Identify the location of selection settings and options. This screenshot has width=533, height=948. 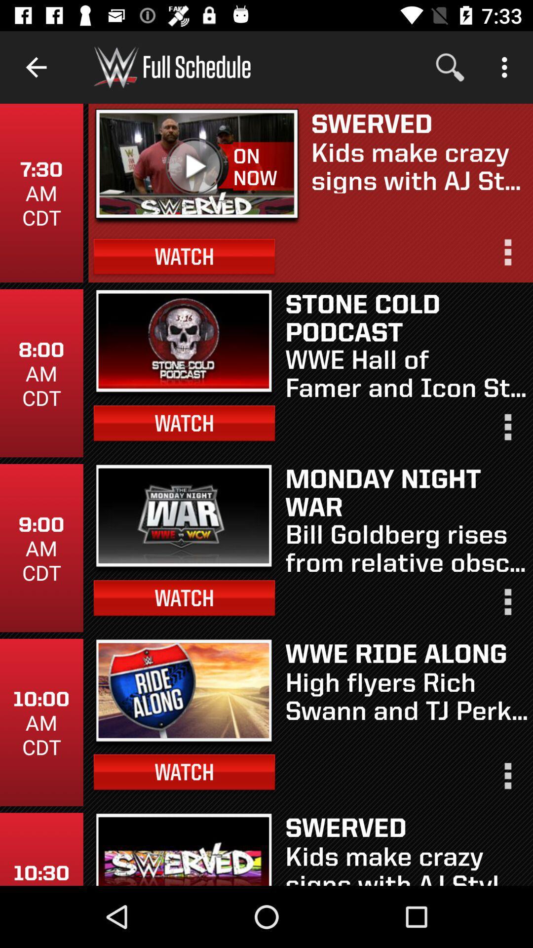
(507, 431).